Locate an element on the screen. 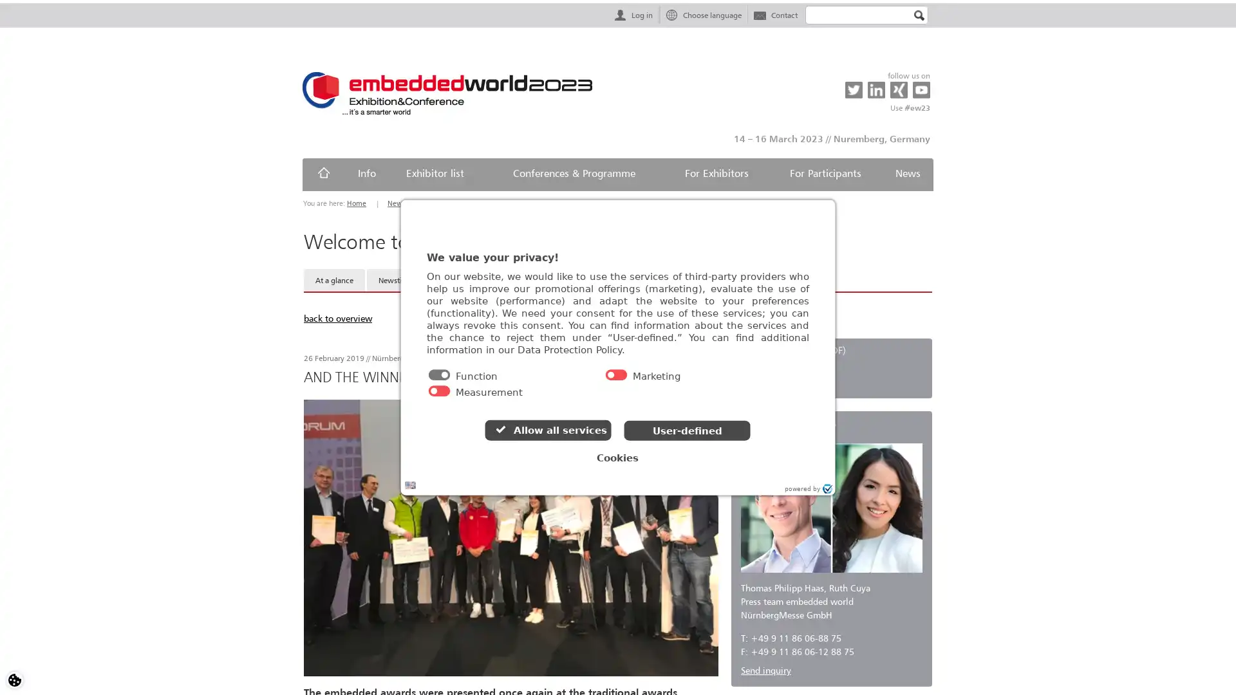  User-defined is located at coordinates (688, 435).